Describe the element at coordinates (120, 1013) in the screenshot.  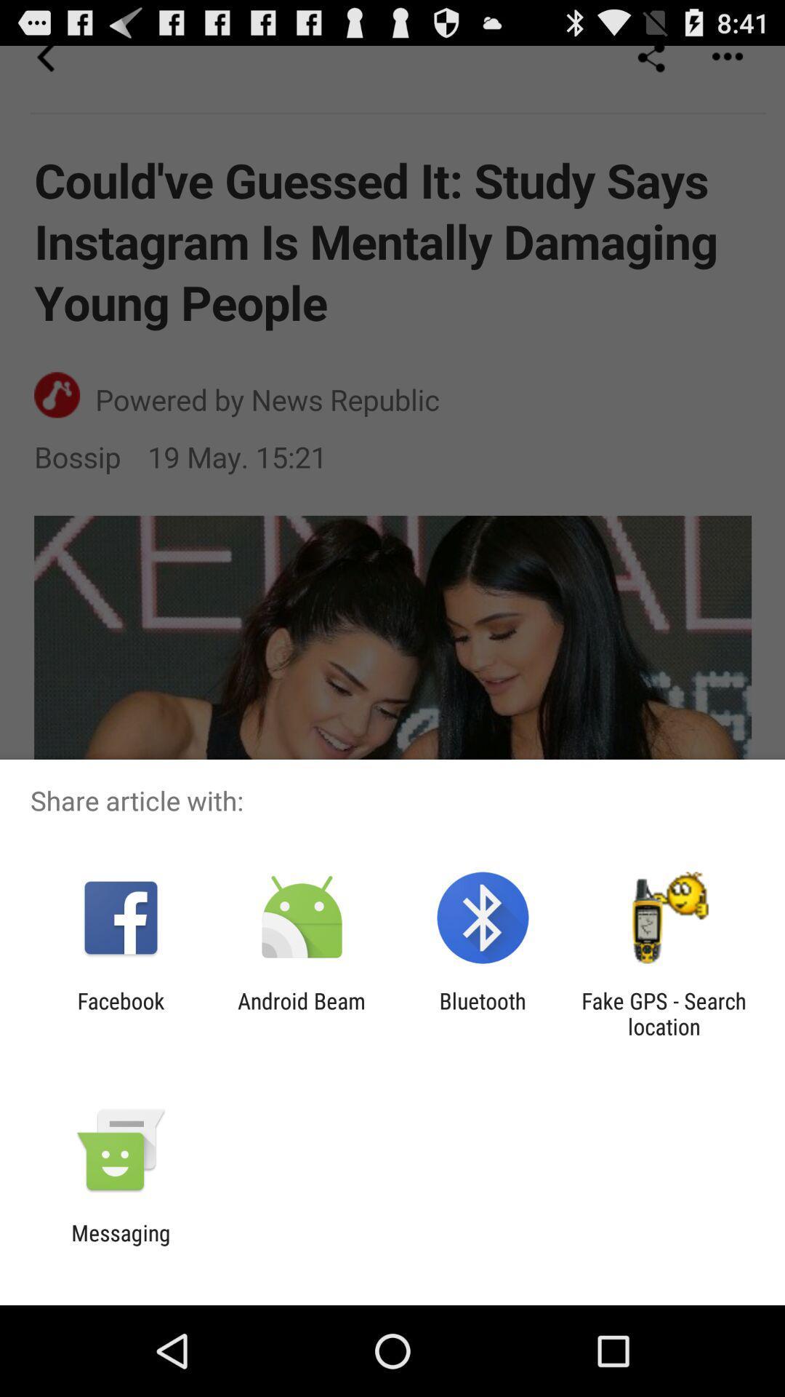
I see `facebook item` at that location.